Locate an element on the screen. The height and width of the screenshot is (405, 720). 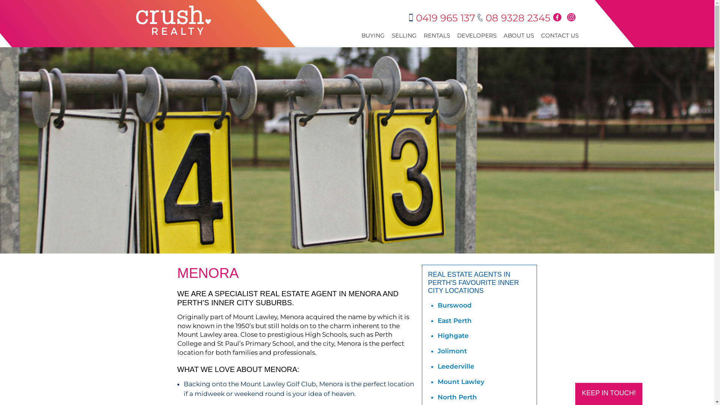
'DEVELOPERS' is located at coordinates (476, 36).